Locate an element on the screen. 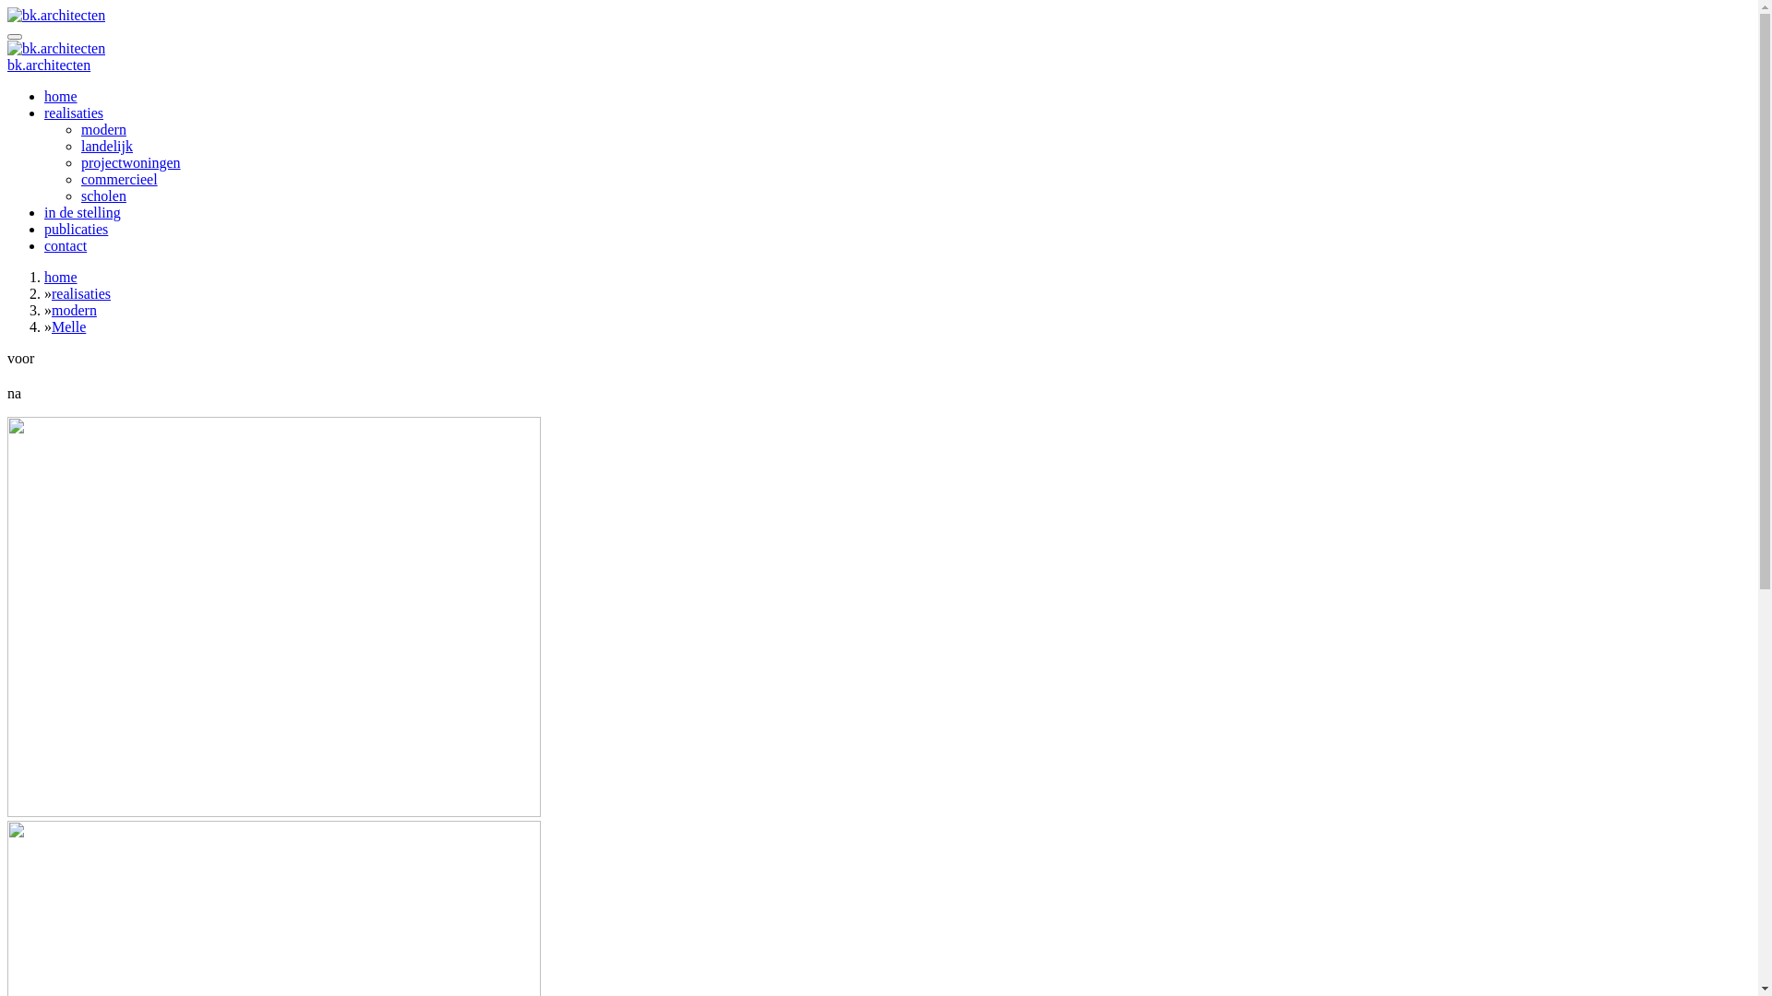 Image resolution: width=1772 pixels, height=996 pixels. 'publicaties' is located at coordinates (44, 228).